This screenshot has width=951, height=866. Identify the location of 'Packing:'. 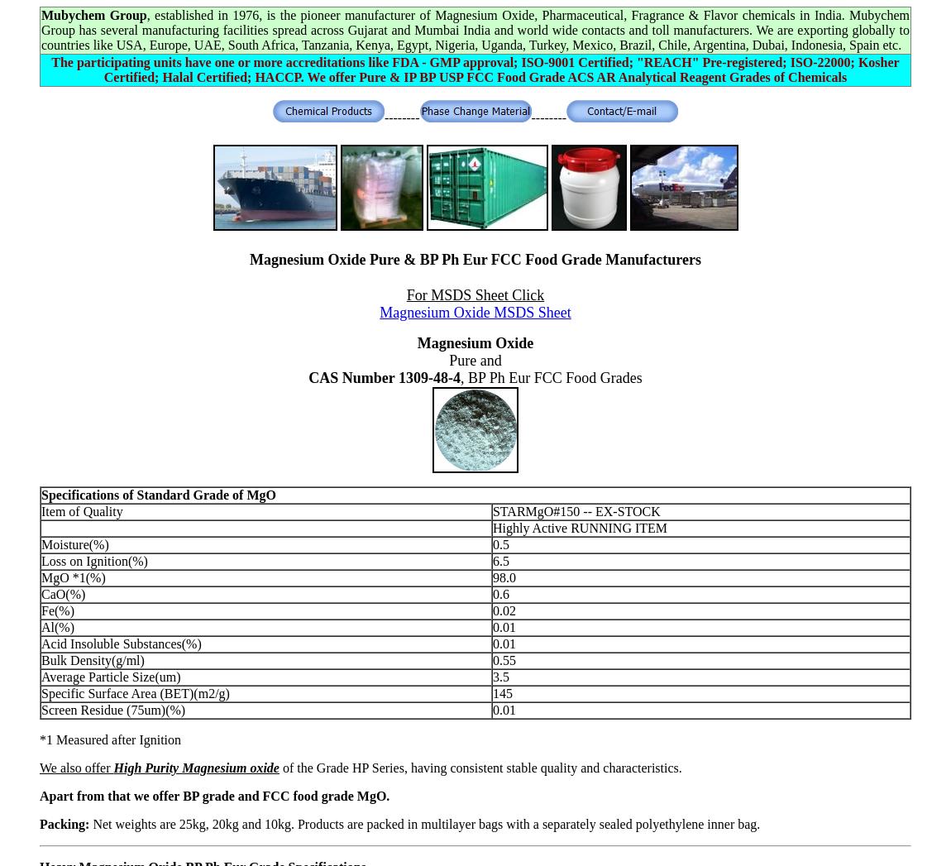
(65, 822).